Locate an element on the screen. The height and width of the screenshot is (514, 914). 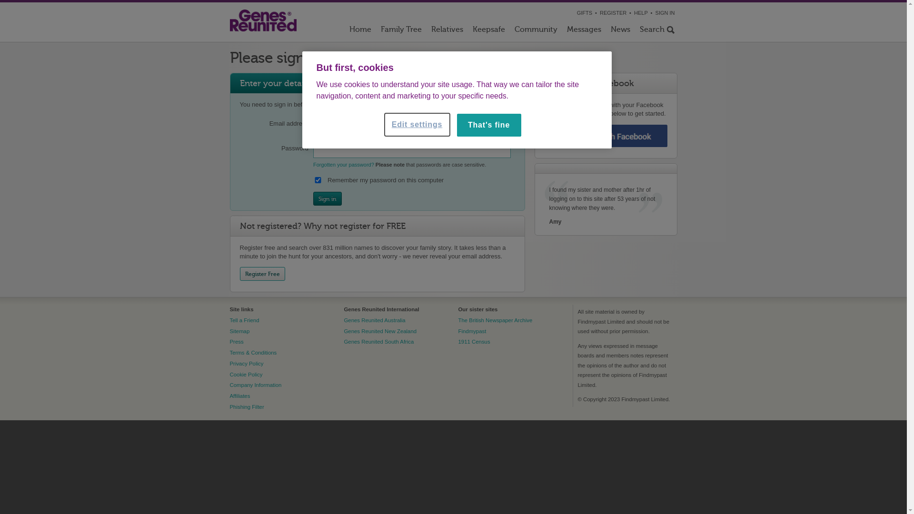
'Affiliates' is located at coordinates (239, 396).